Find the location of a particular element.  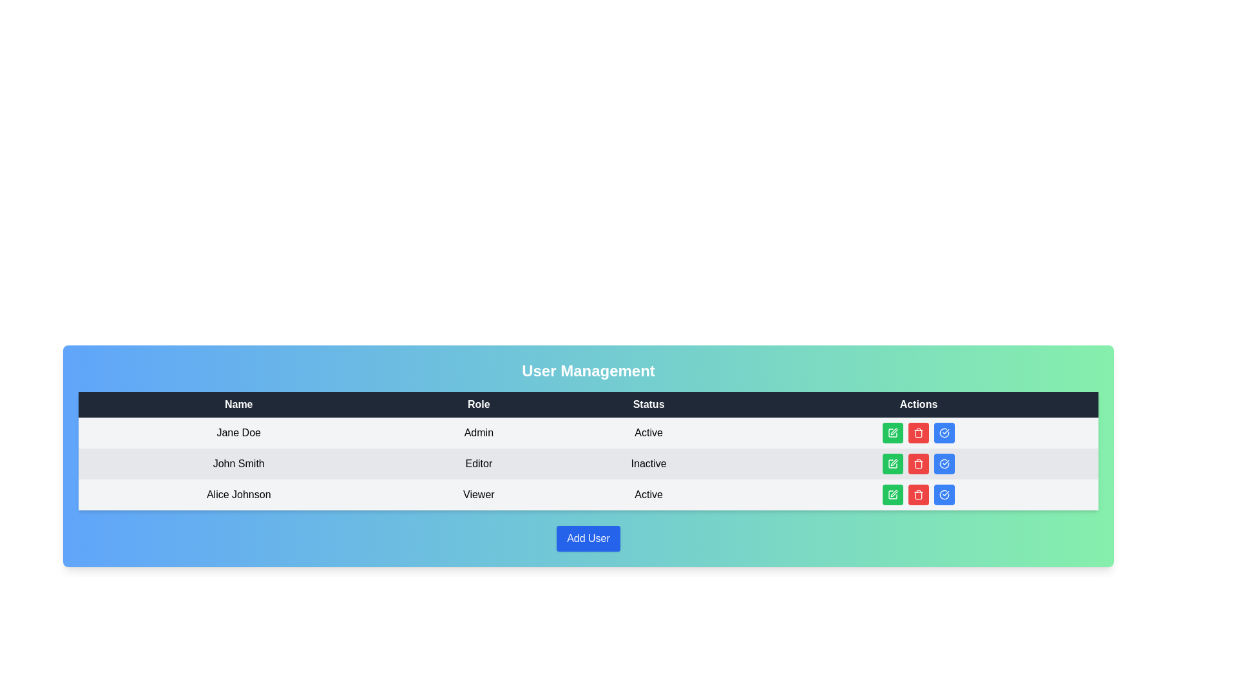

the delete button in the 'Actions' column of the third row associated with user 'Alice Johnson' in the 'User Management' table is located at coordinates (917, 434).